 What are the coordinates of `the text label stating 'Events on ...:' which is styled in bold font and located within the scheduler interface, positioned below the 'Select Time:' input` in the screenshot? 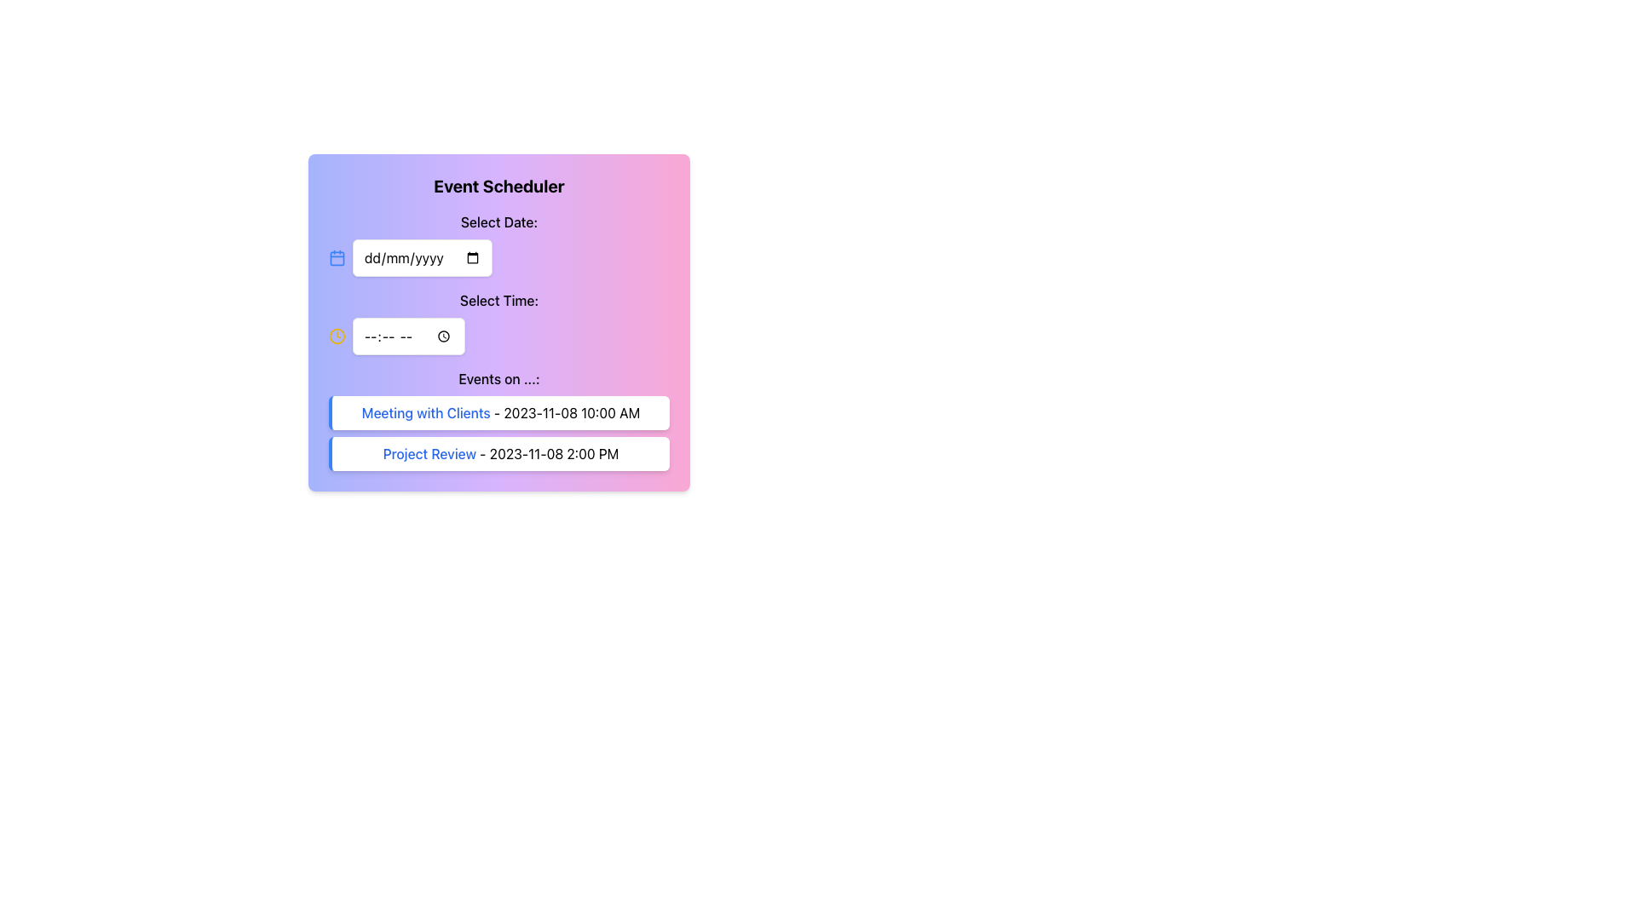 It's located at (498, 377).